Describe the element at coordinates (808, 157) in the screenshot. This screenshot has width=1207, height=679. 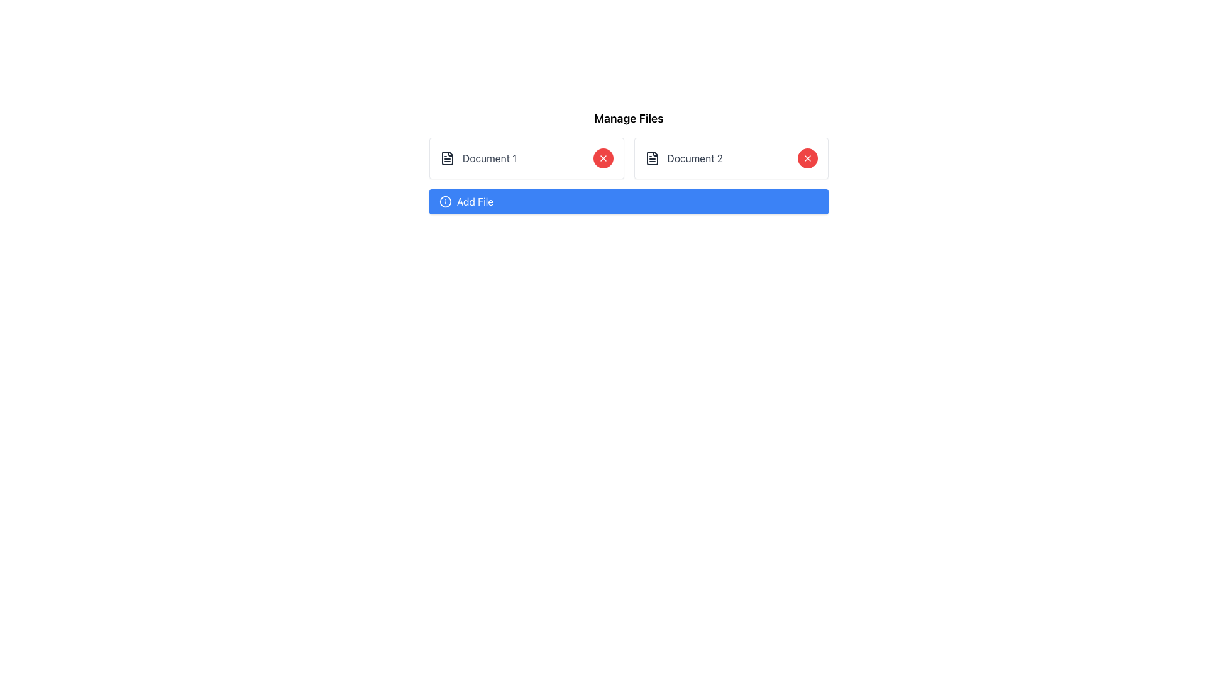
I see `the red circular button containing the 'X' icon` at that location.